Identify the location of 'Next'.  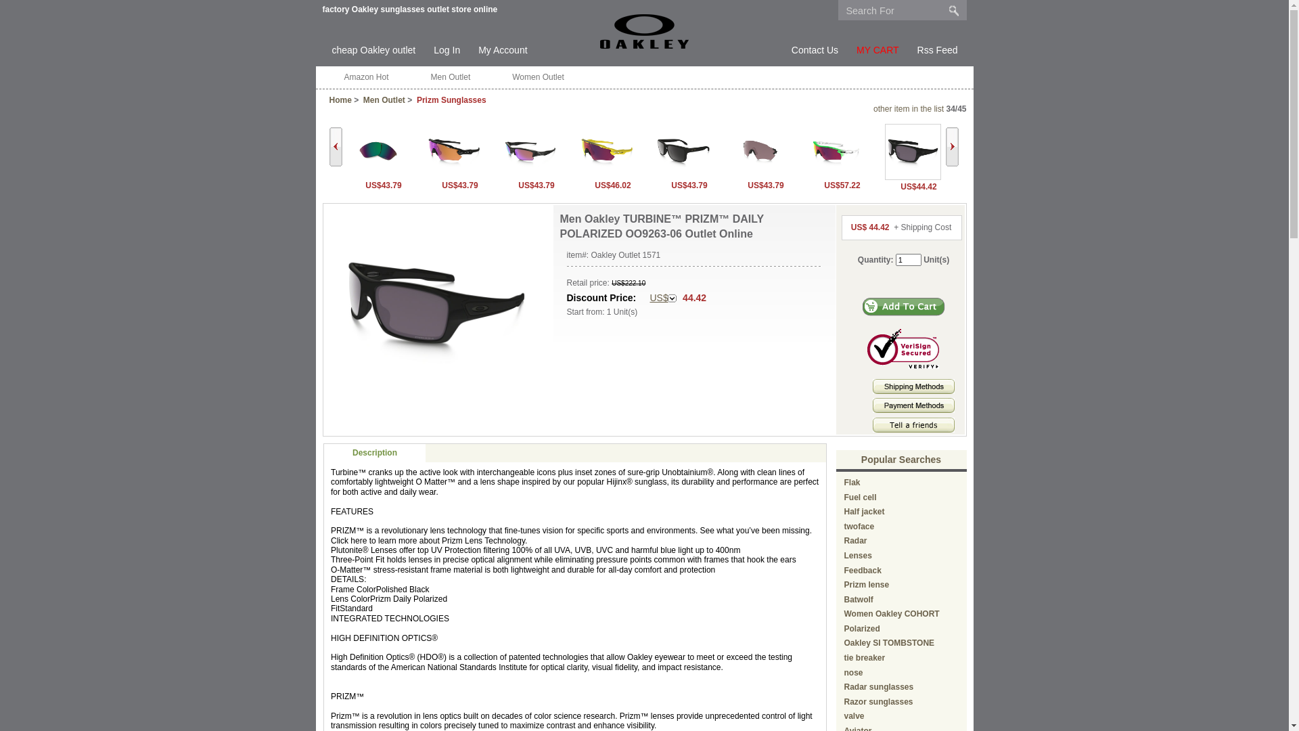
(951, 146).